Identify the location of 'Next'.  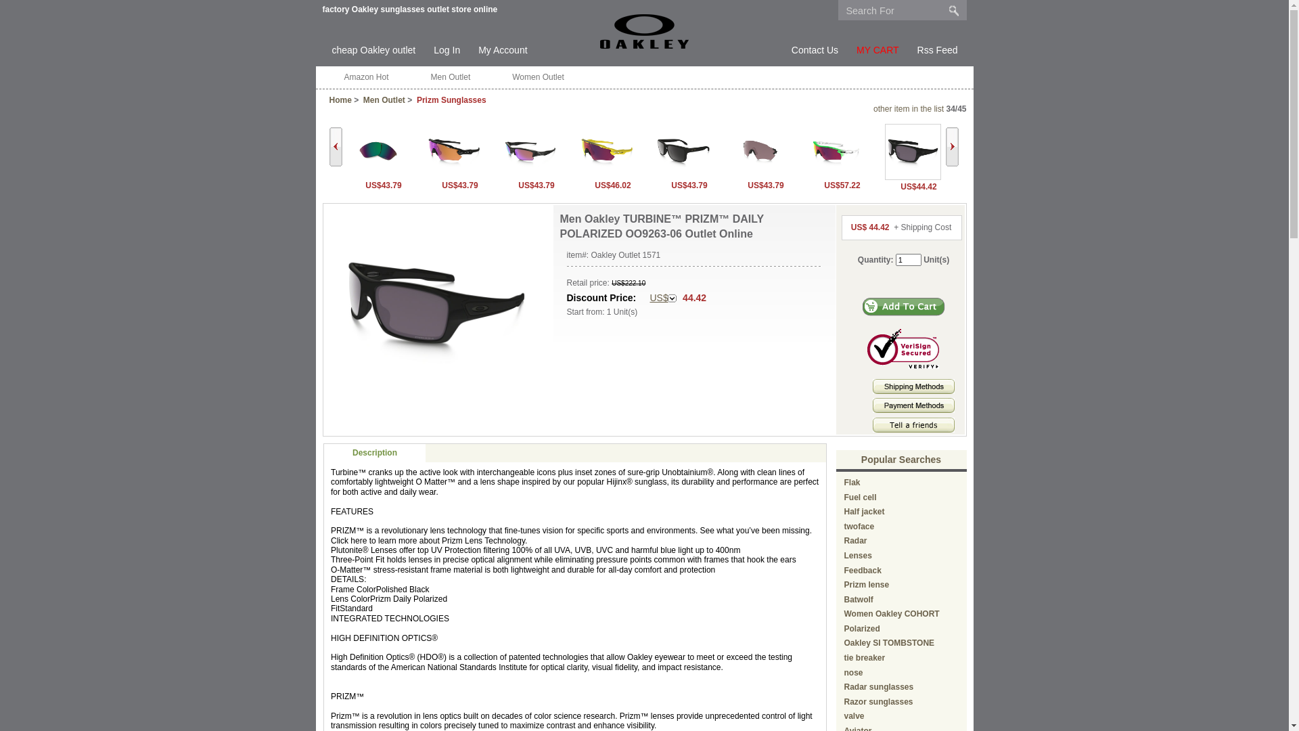
(951, 146).